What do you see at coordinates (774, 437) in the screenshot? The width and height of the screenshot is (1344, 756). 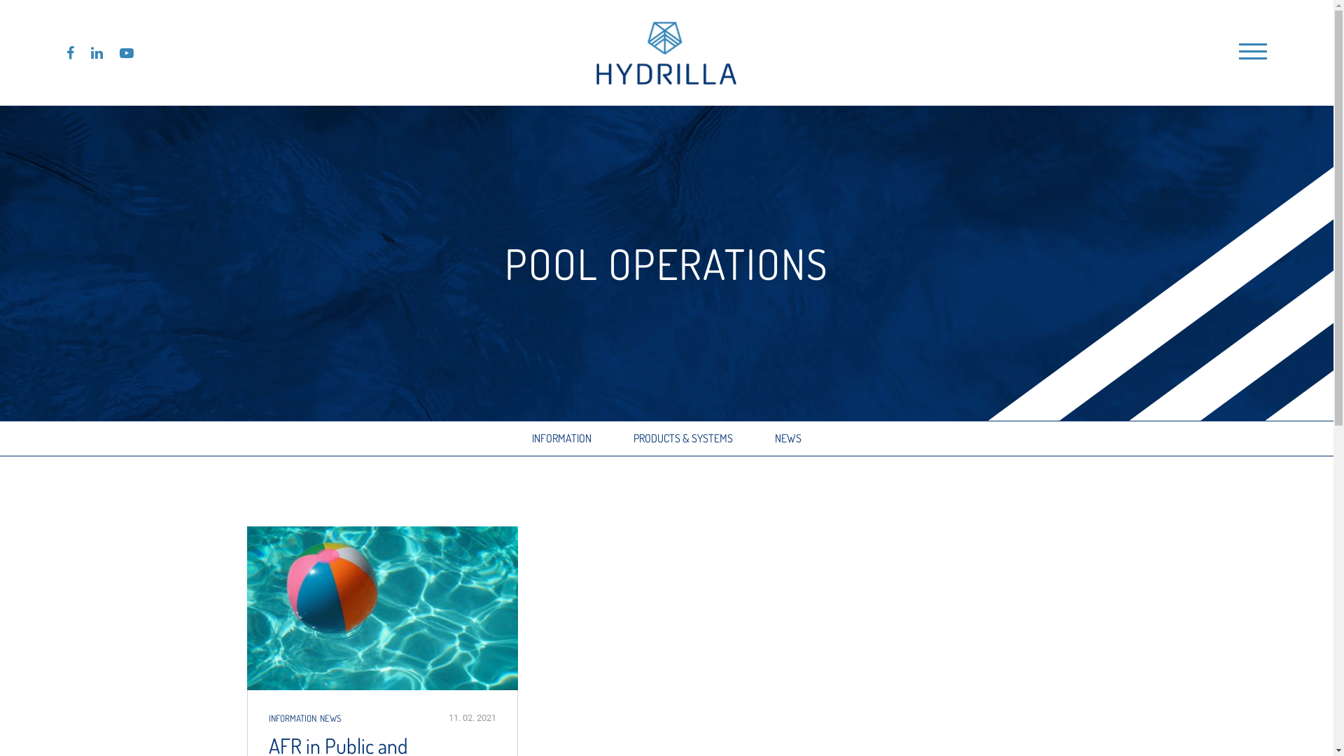 I see `'NEWS'` at bounding box center [774, 437].